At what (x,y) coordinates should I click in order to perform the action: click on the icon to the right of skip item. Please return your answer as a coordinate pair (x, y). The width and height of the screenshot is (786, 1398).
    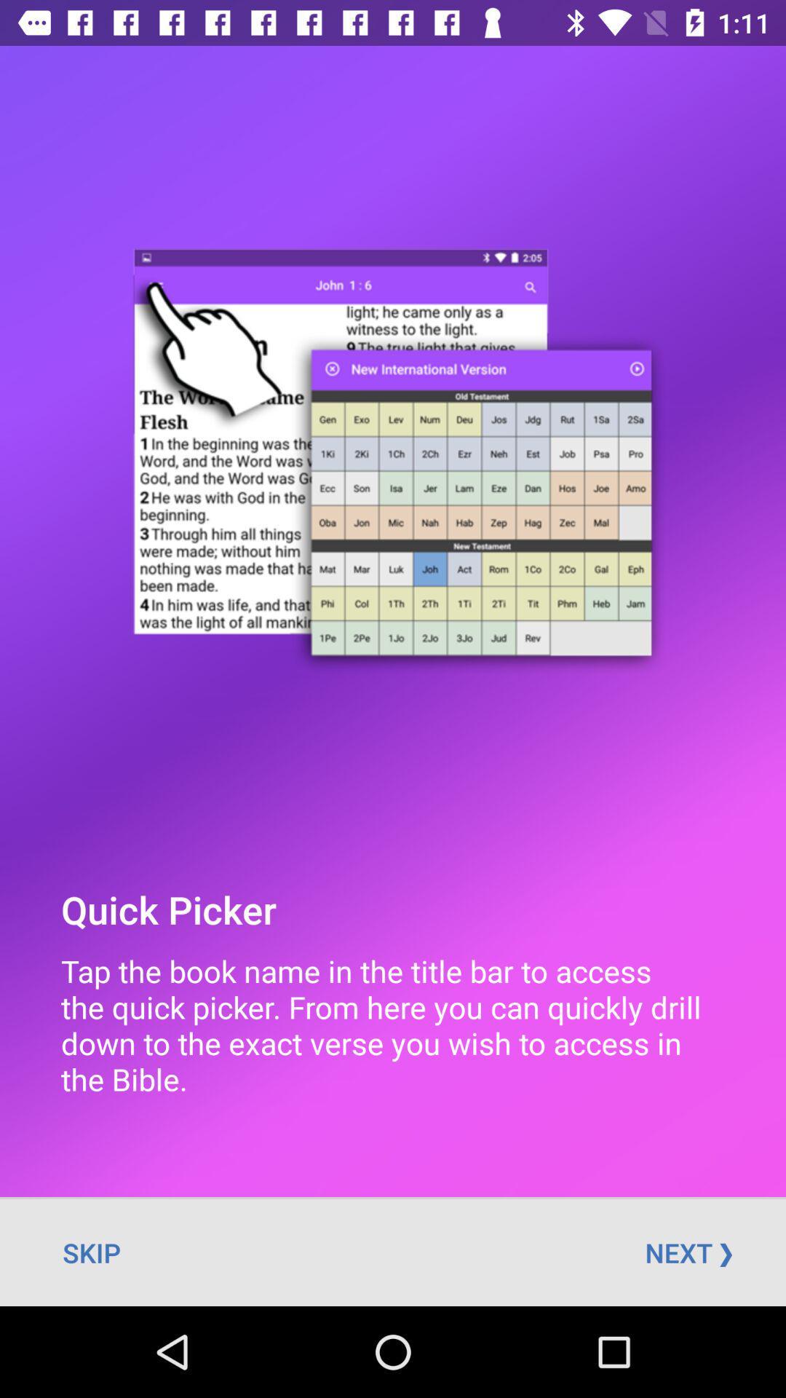
    Looking at the image, I should click on (688, 1252).